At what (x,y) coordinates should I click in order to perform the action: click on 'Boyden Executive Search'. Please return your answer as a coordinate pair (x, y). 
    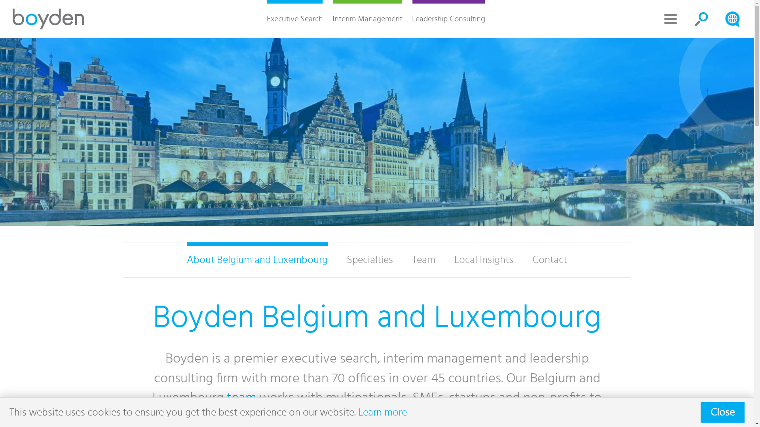
    Looking at the image, I should click on (47, 18).